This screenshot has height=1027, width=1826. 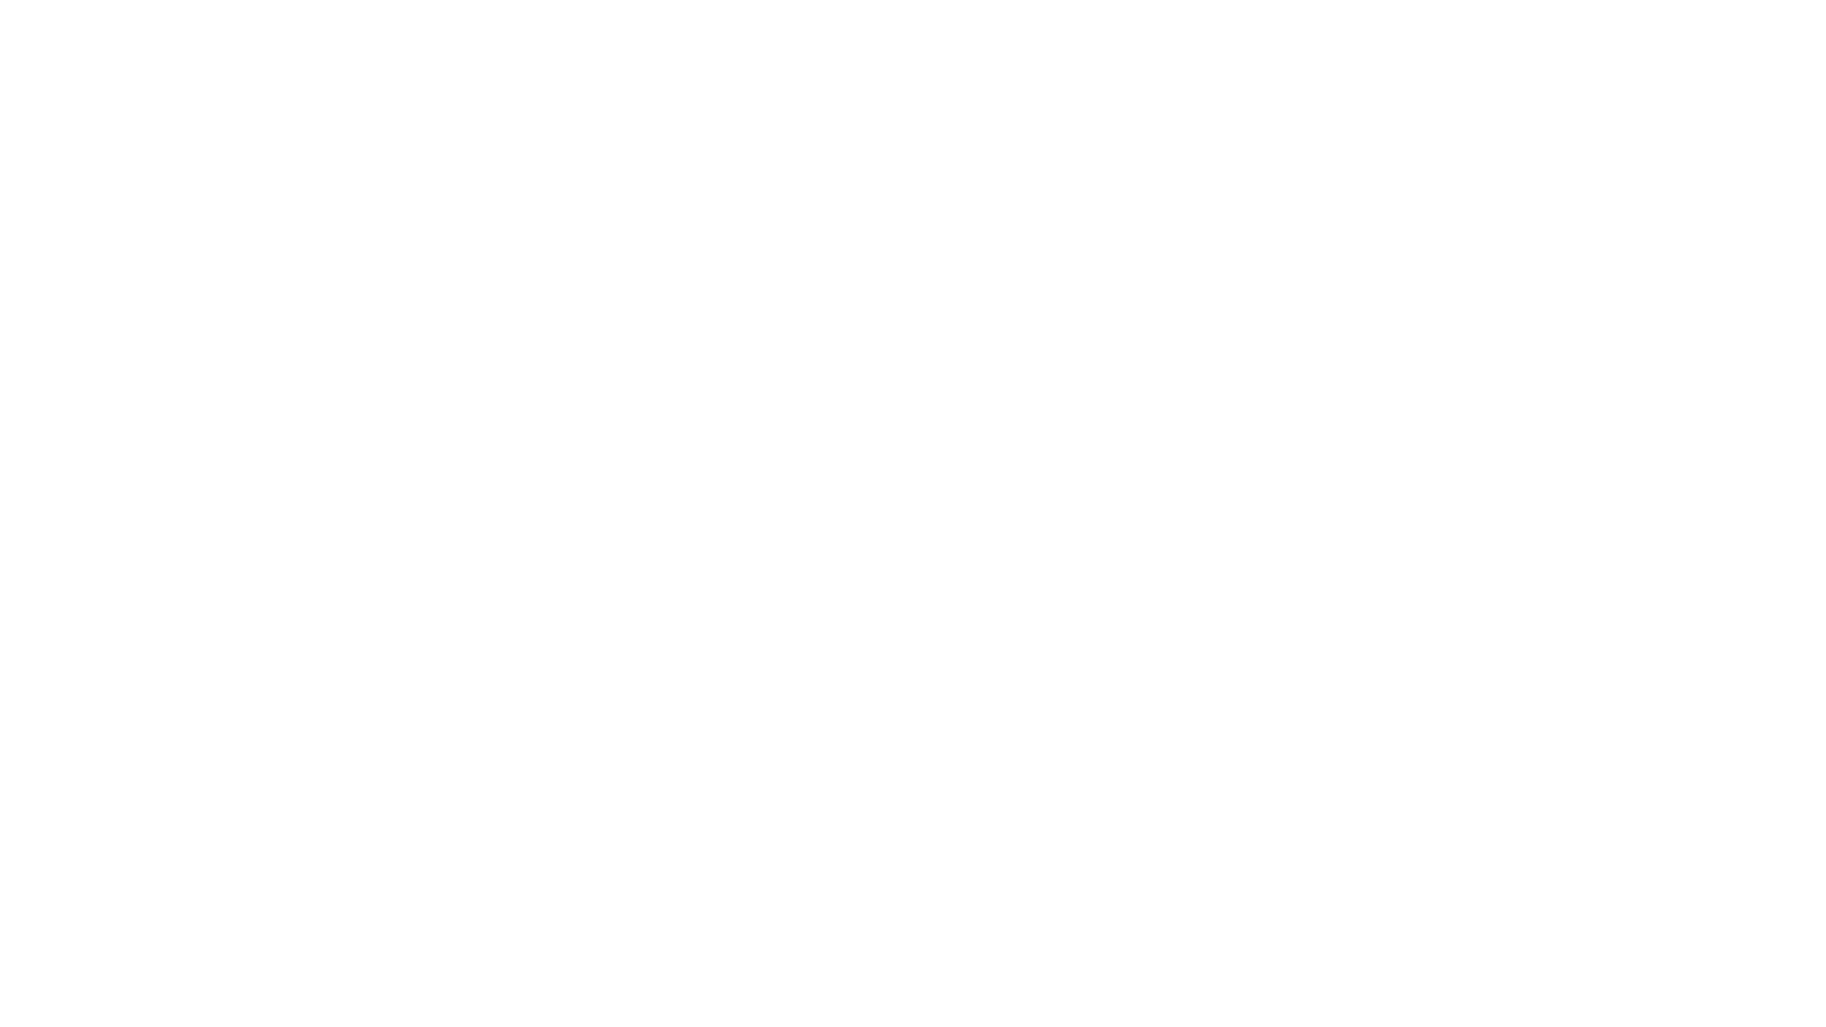 I want to click on BACK TO EPISODES, so click(x=427, y=185).